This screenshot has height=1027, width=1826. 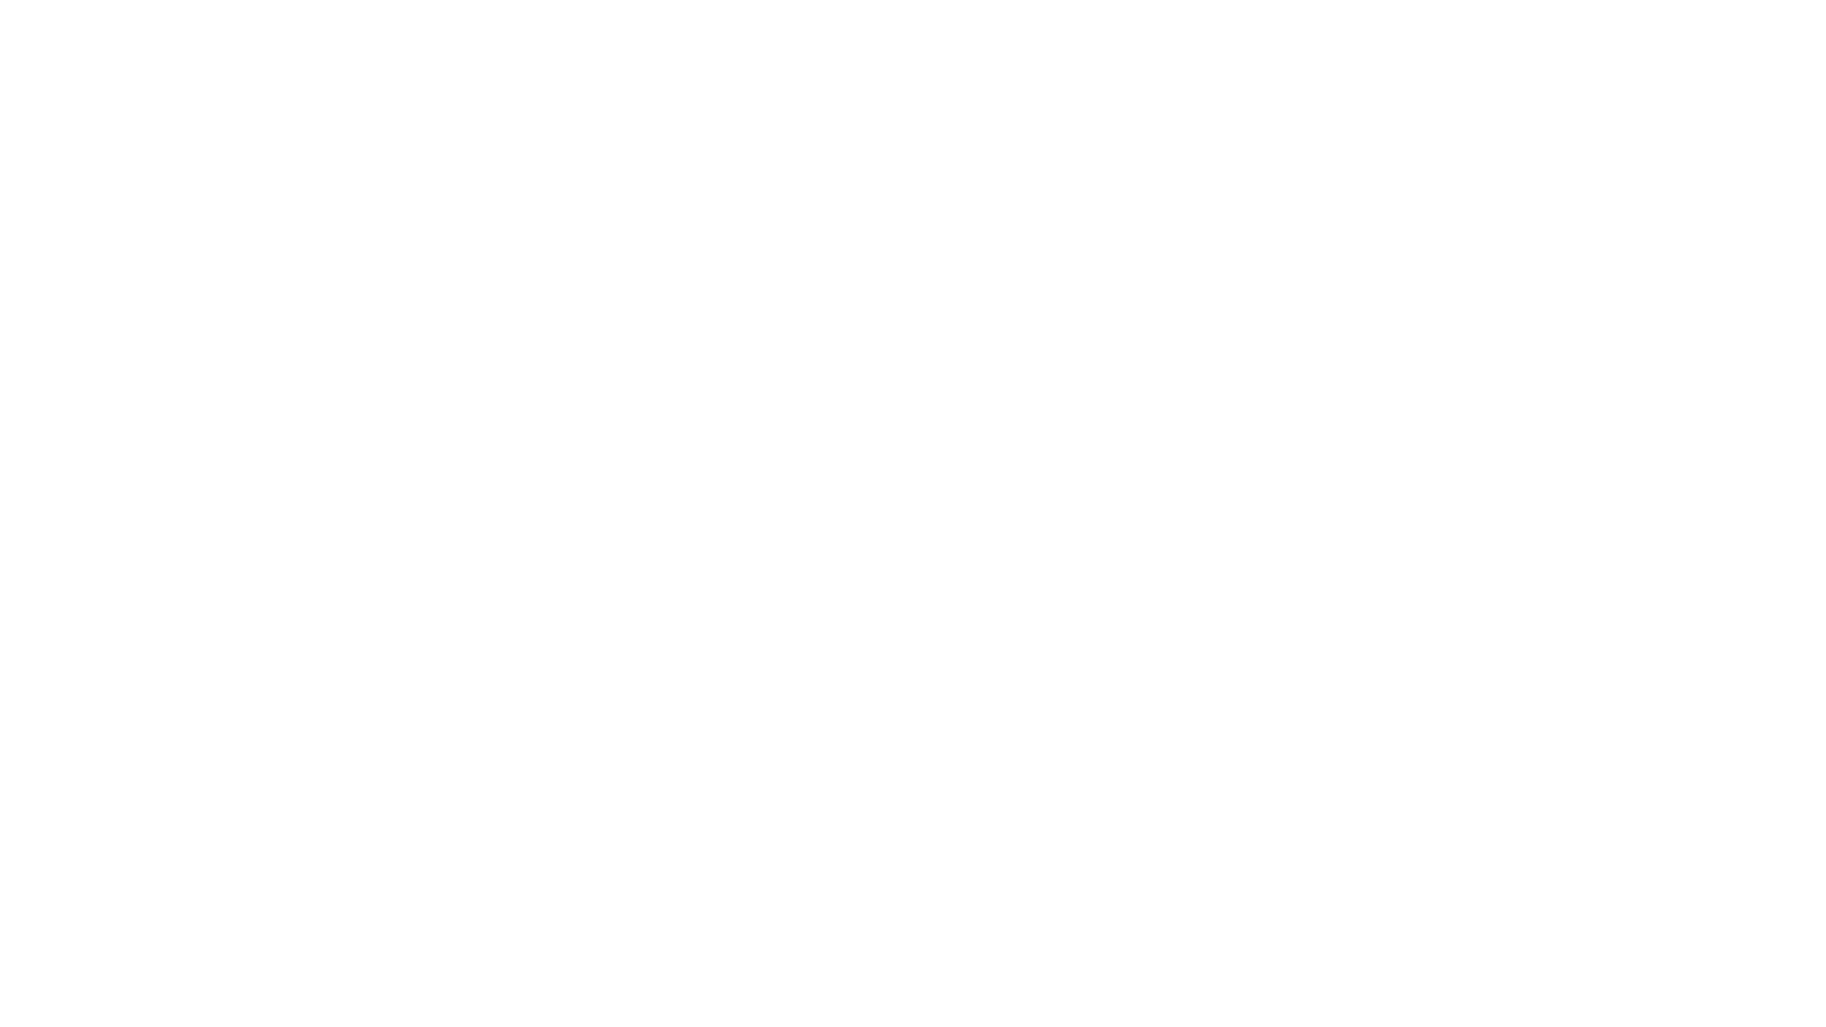 I want to click on BACK TO EPISODES, so click(x=427, y=185).